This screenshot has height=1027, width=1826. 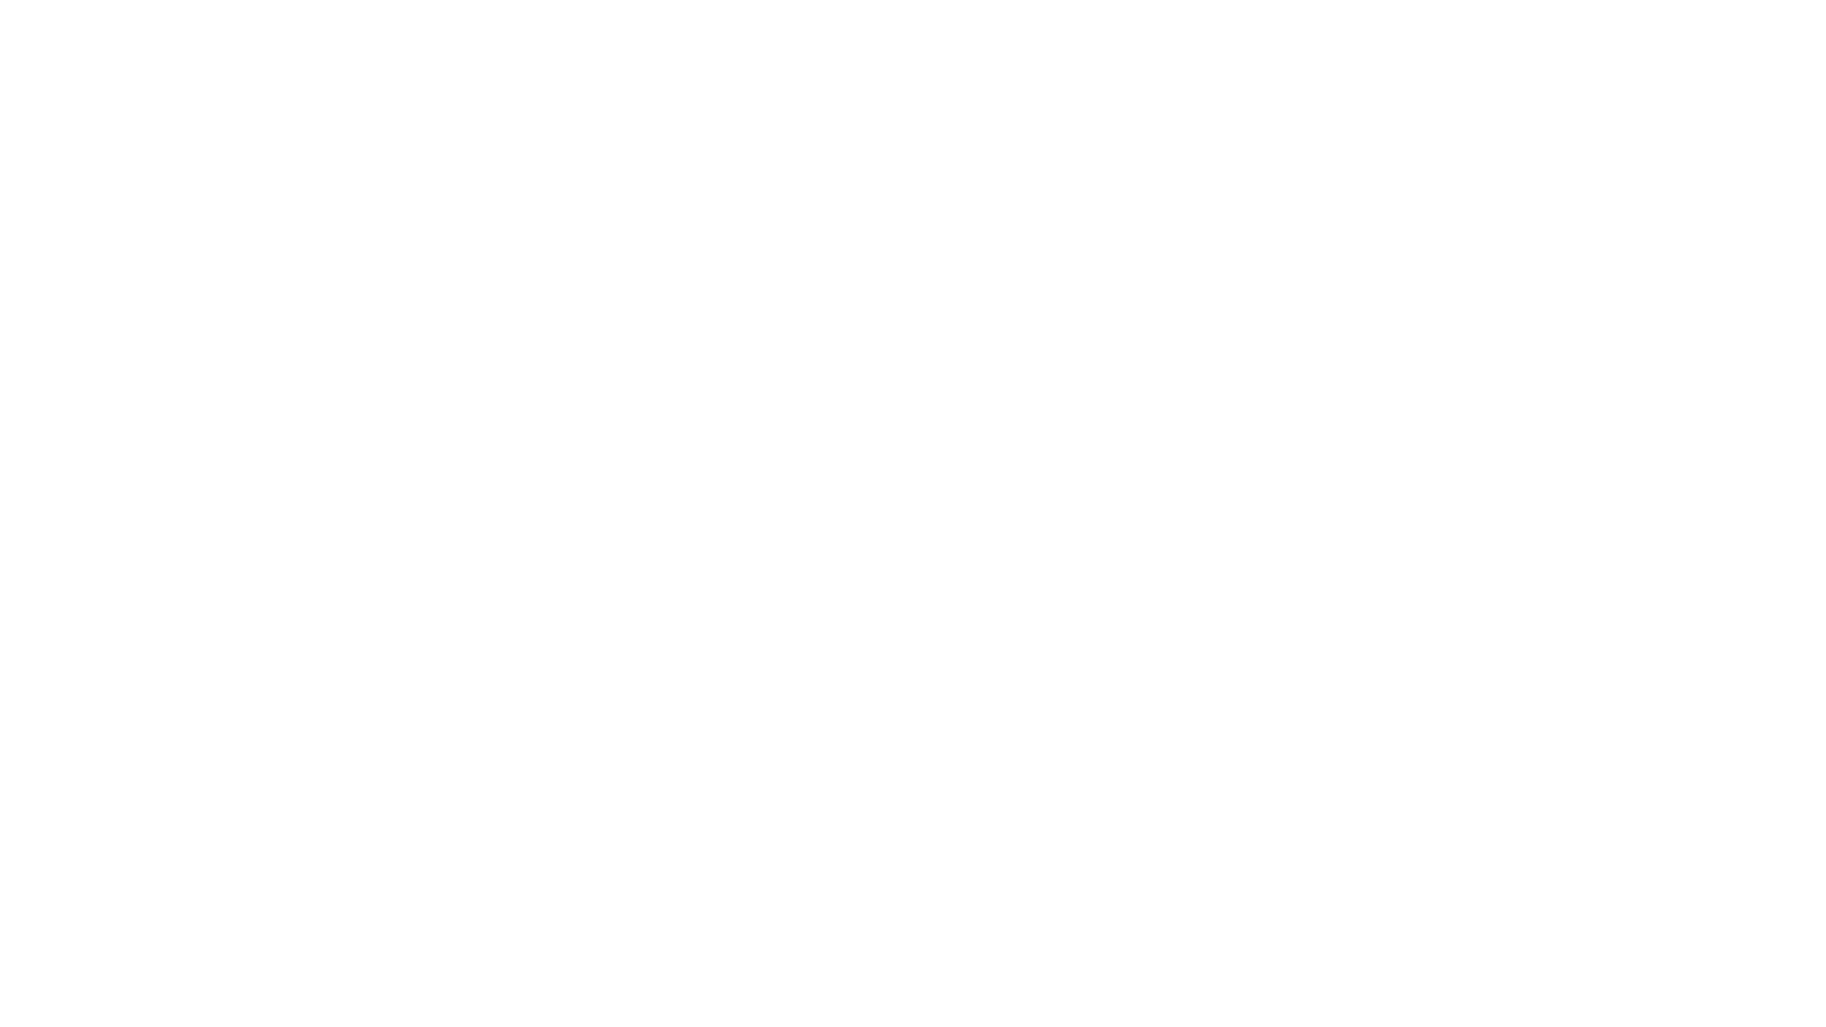 I want to click on BACK TO EPISODES, so click(x=427, y=185).